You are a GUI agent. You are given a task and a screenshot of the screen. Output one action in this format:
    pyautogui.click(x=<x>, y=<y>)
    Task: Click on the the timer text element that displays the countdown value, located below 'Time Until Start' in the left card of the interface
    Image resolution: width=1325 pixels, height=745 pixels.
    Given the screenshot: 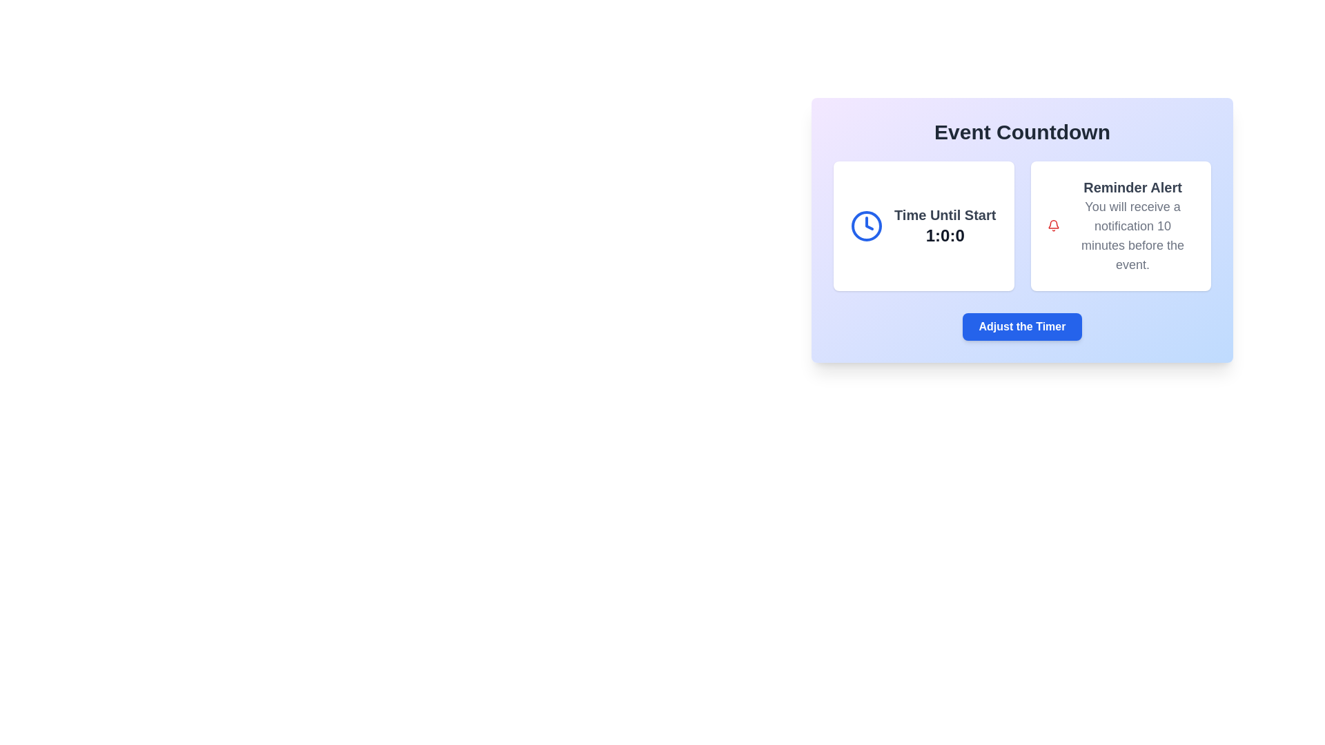 What is the action you would take?
    pyautogui.click(x=944, y=235)
    